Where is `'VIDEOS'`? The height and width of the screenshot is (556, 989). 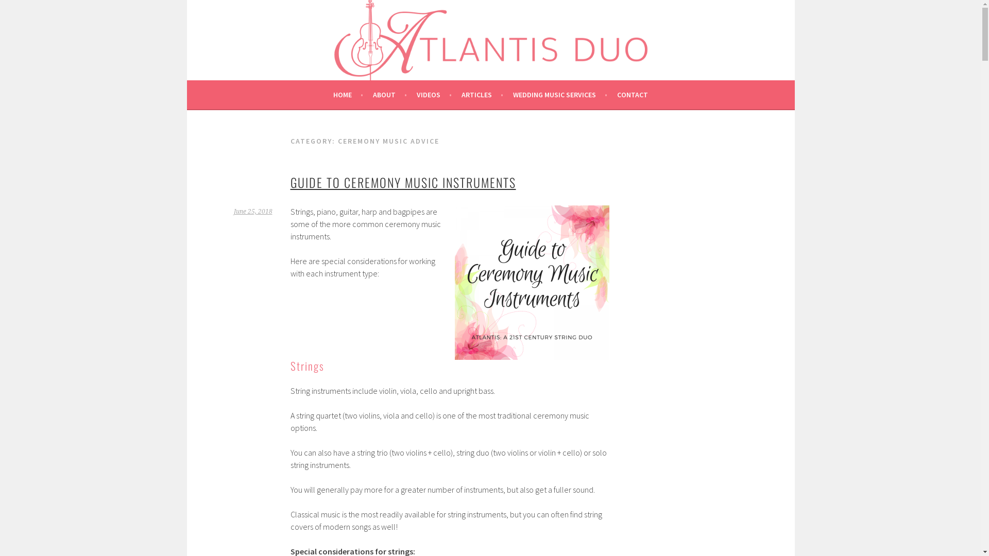
'VIDEOS' is located at coordinates (434, 95).